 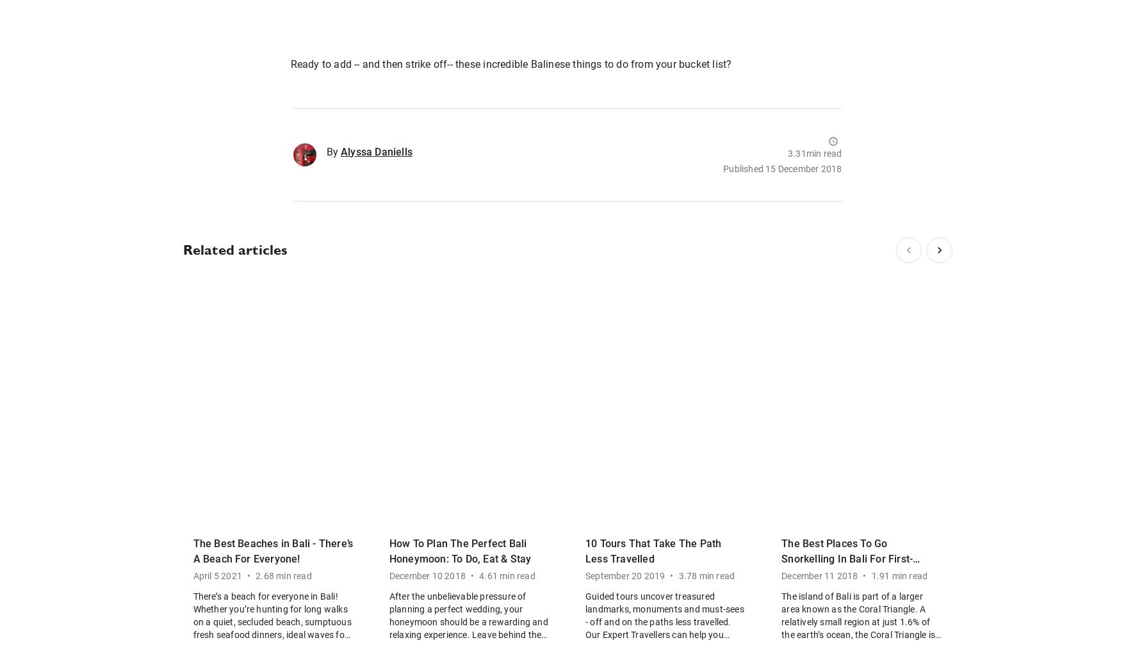 I want to click on 'The Best Places To Go Snorkelling In Bali For First-Timers', so click(x=781, y=558).